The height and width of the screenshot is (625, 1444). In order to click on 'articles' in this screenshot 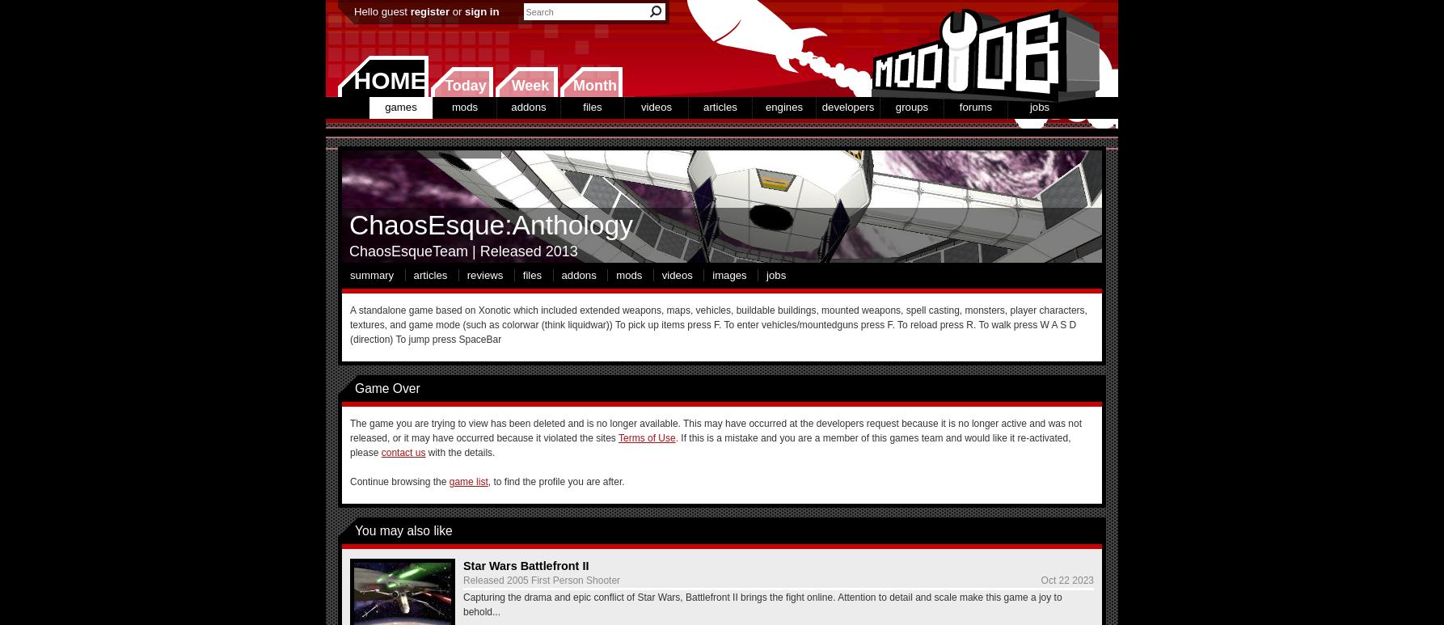, I will do `click(429, 273)`.